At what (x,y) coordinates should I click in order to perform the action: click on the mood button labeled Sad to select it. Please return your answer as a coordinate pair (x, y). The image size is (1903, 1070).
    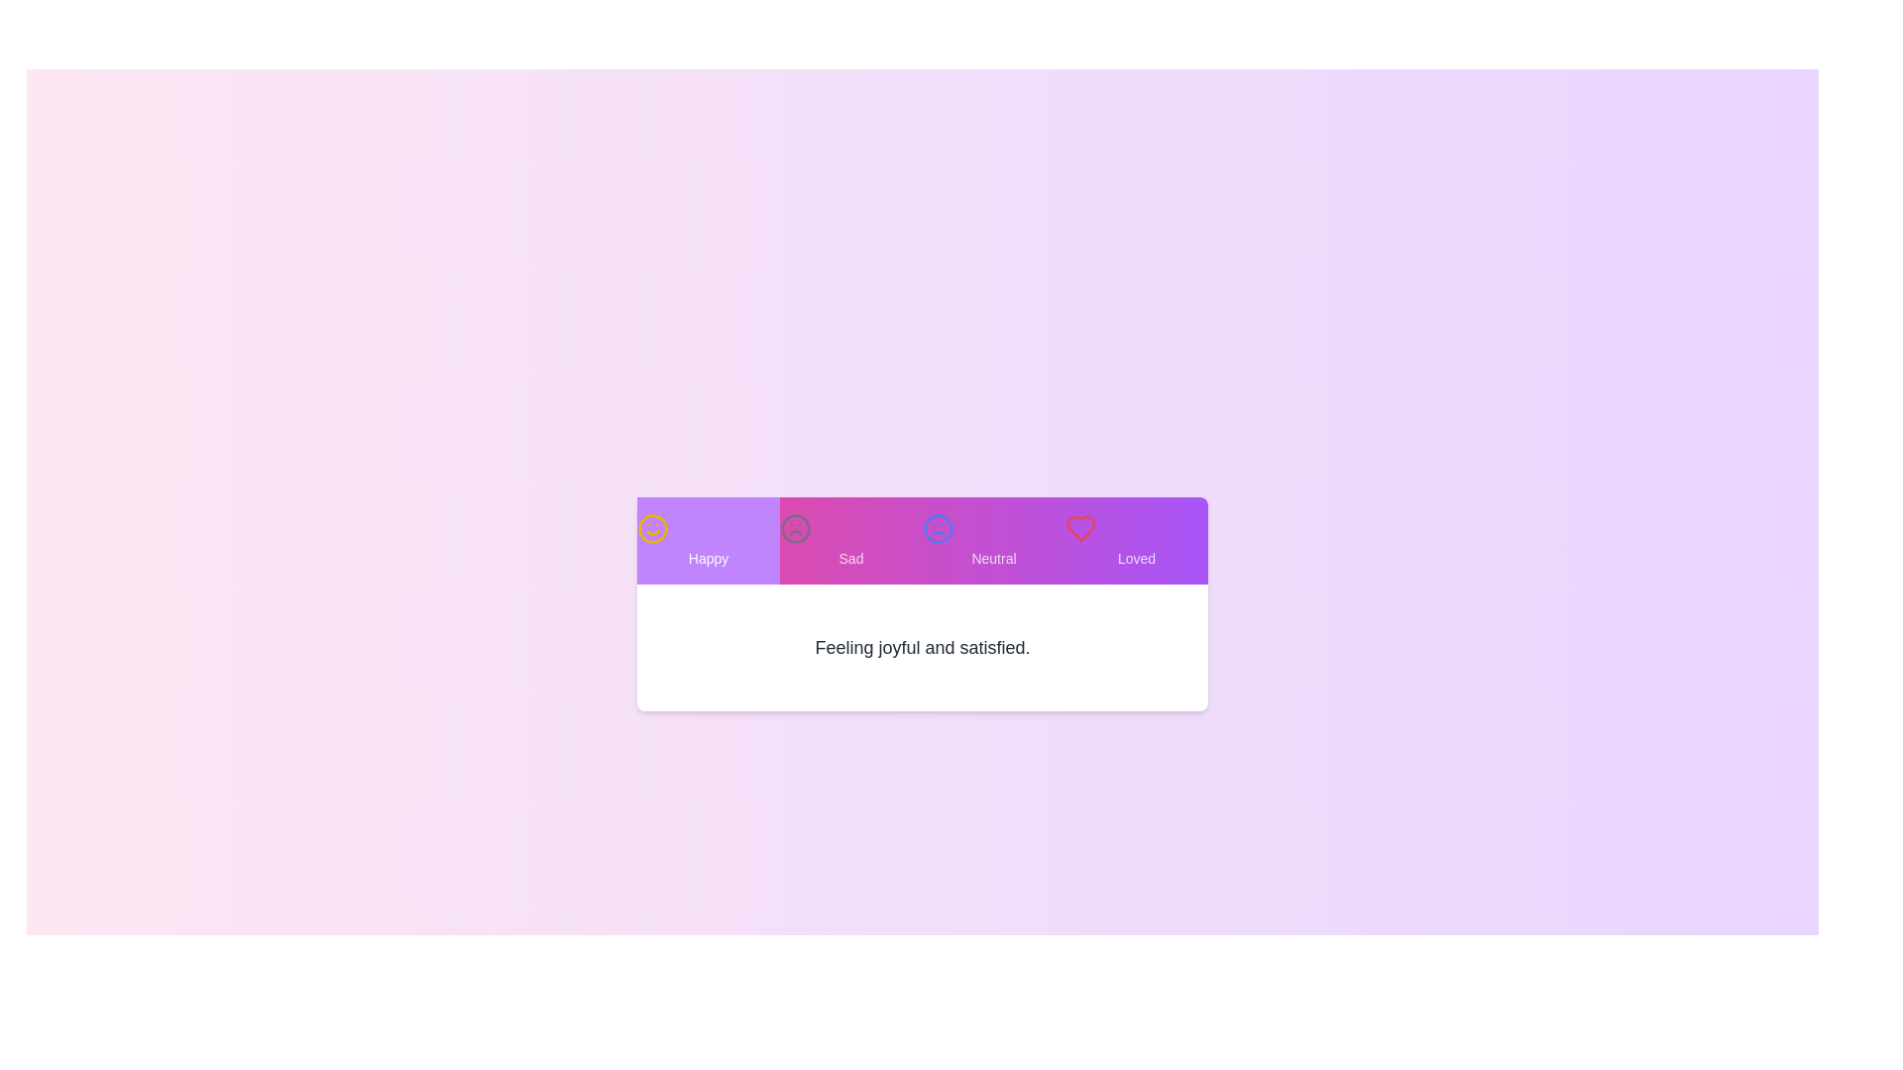
    Looking at the image, I should click on (851, 541).